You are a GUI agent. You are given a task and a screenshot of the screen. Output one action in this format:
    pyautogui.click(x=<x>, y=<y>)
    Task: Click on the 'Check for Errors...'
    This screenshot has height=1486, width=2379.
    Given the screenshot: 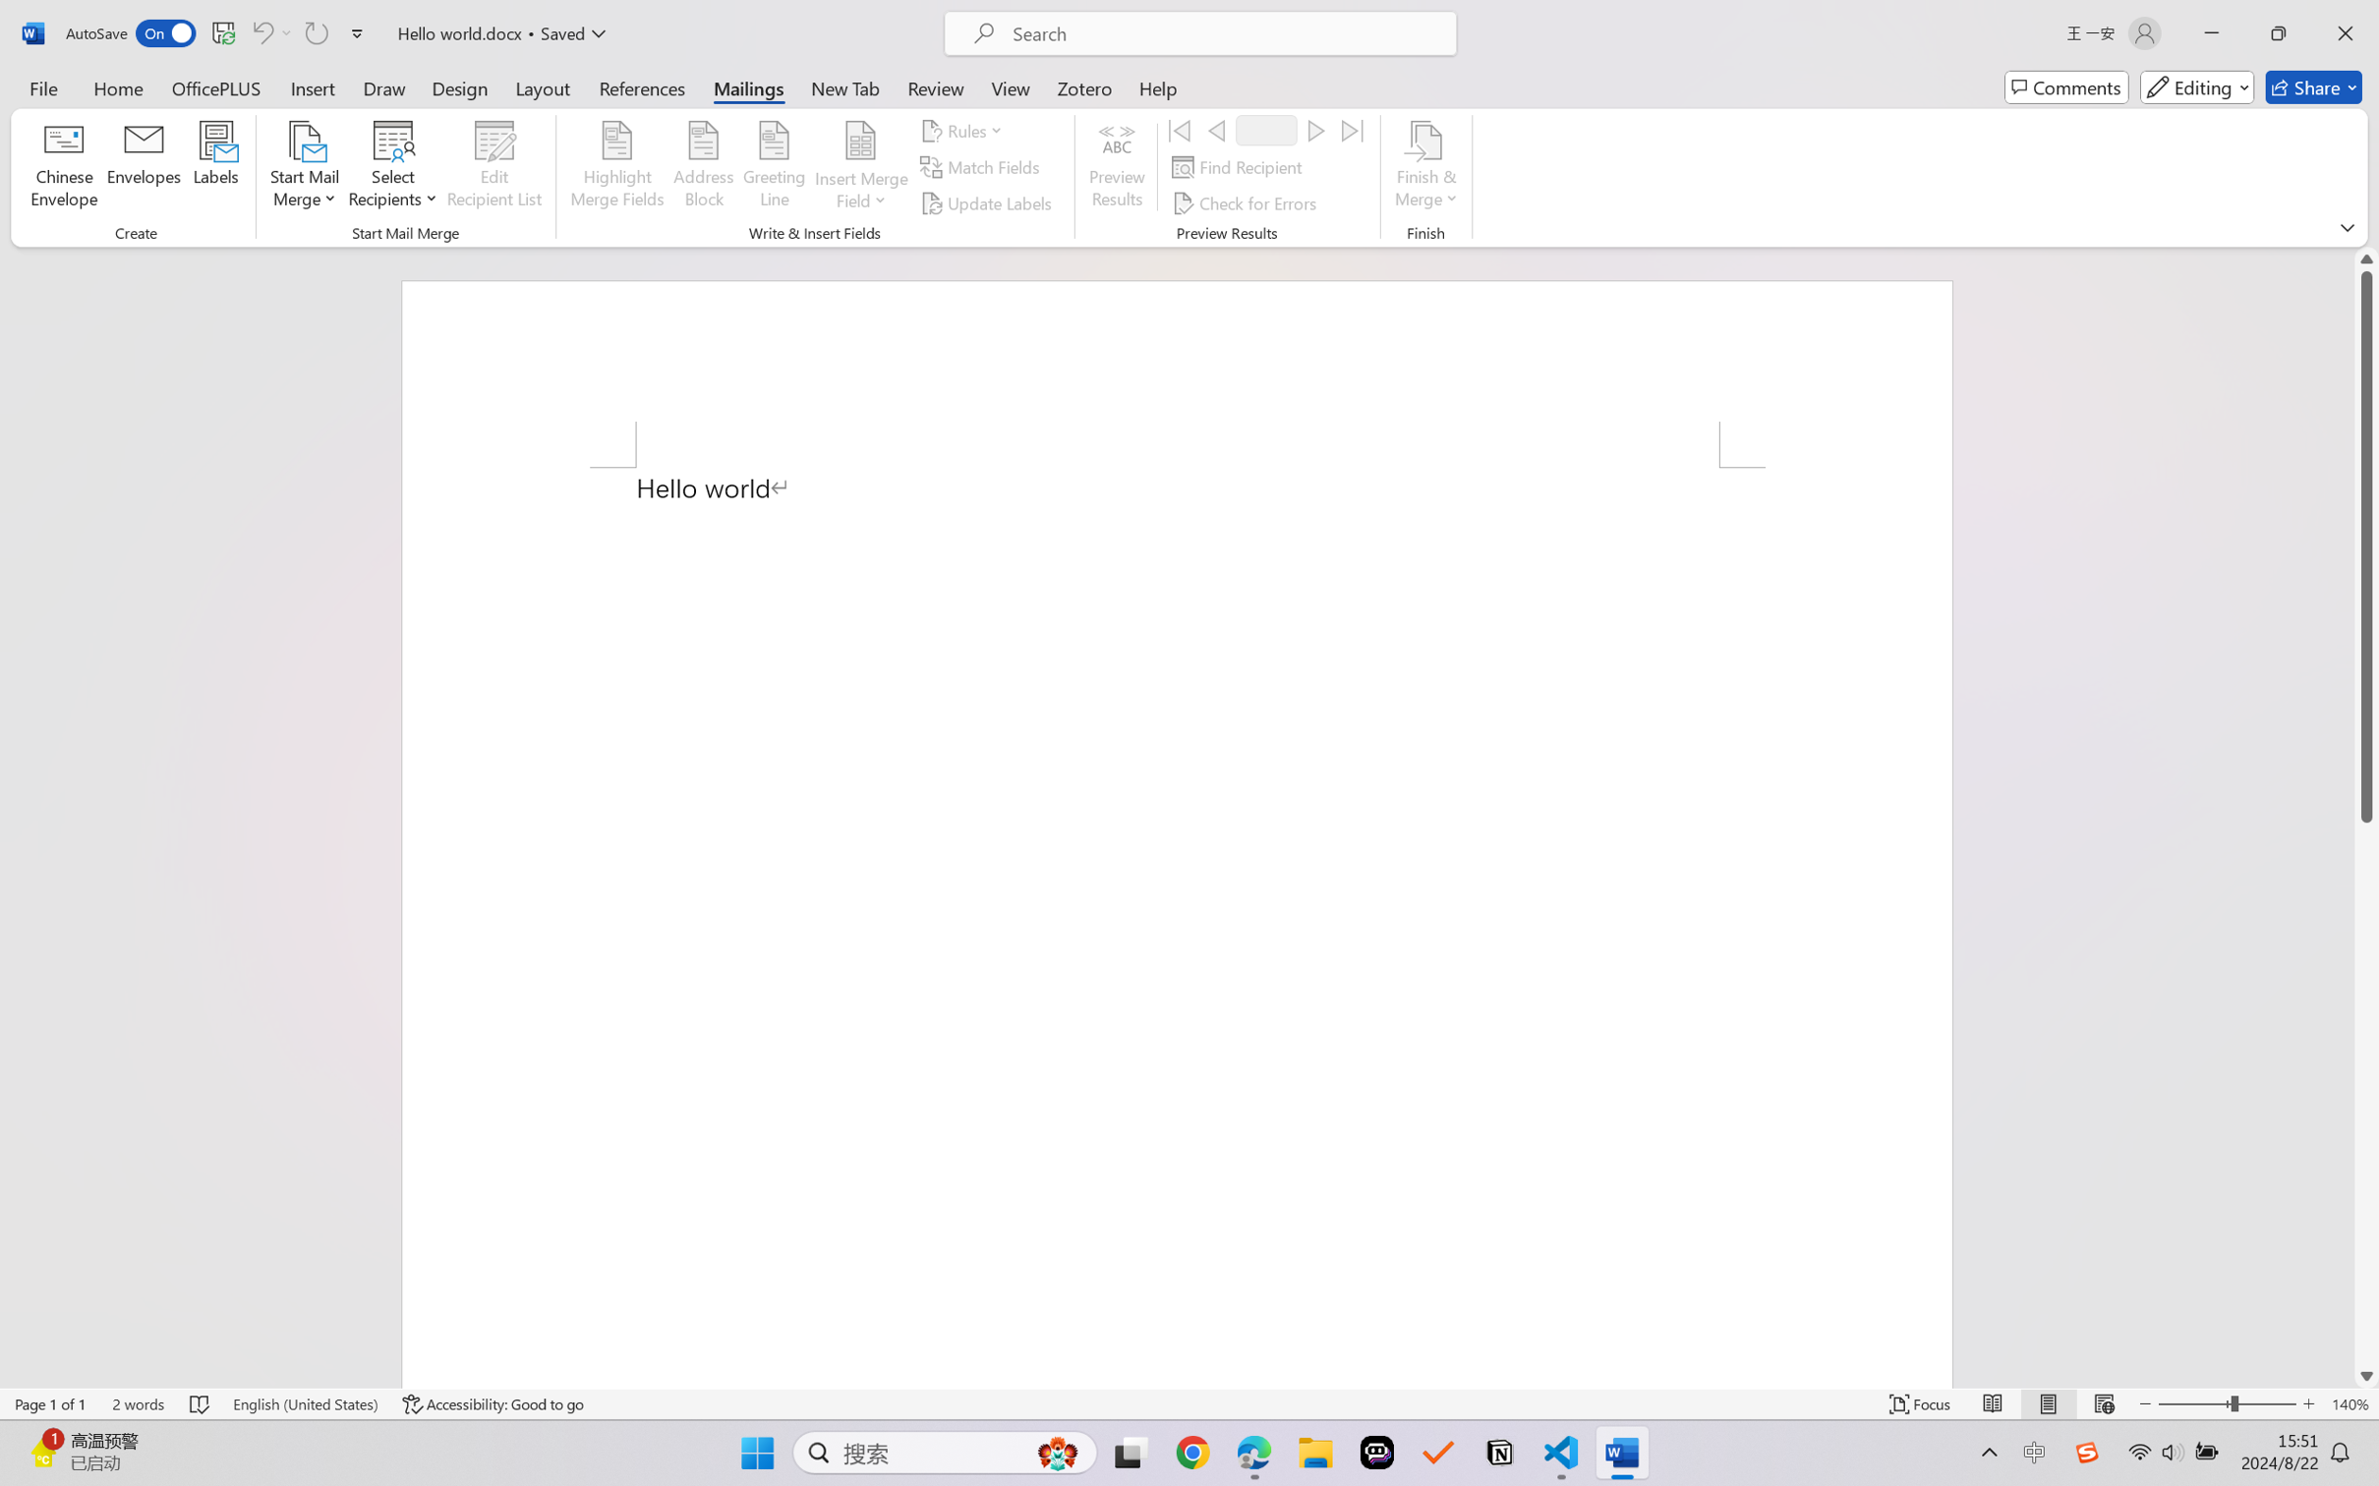 What is the action you would take?
    pyautogui.click(x=1248, y=203)
    